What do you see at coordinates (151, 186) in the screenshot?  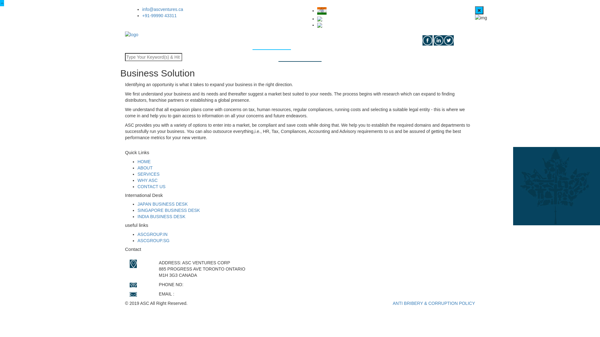 I see `'CONTACT US'` at bounding box center [151, 186].